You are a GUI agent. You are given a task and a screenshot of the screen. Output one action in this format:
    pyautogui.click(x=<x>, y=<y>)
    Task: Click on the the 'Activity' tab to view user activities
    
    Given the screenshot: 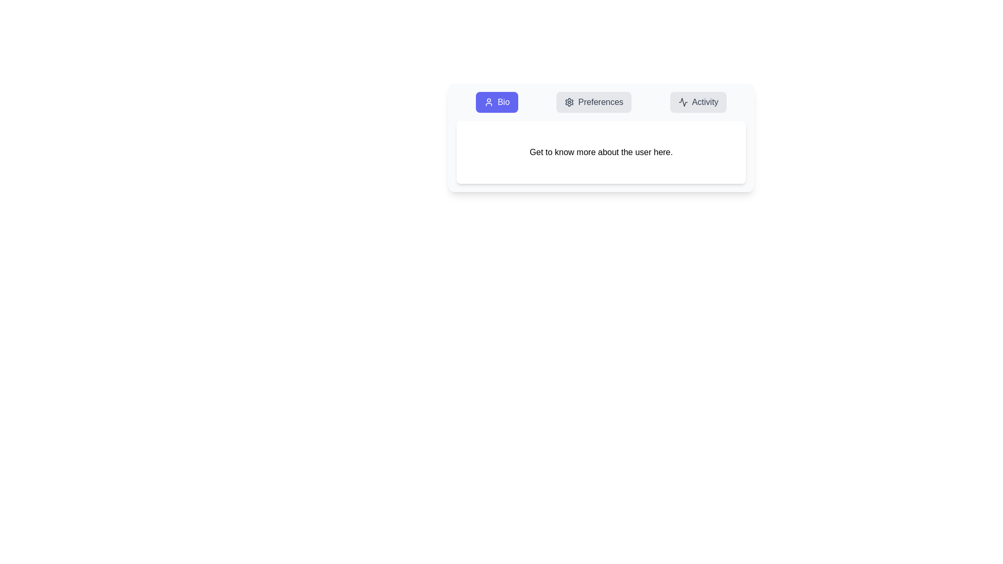 What is the action you would take?
    pyautogui.click(x=698, y=102)
    